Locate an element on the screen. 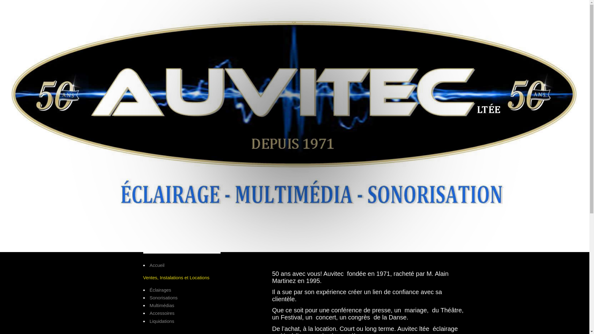 The image size is (594, 334). 'Liquidations' is located at coordinates (149, 321).